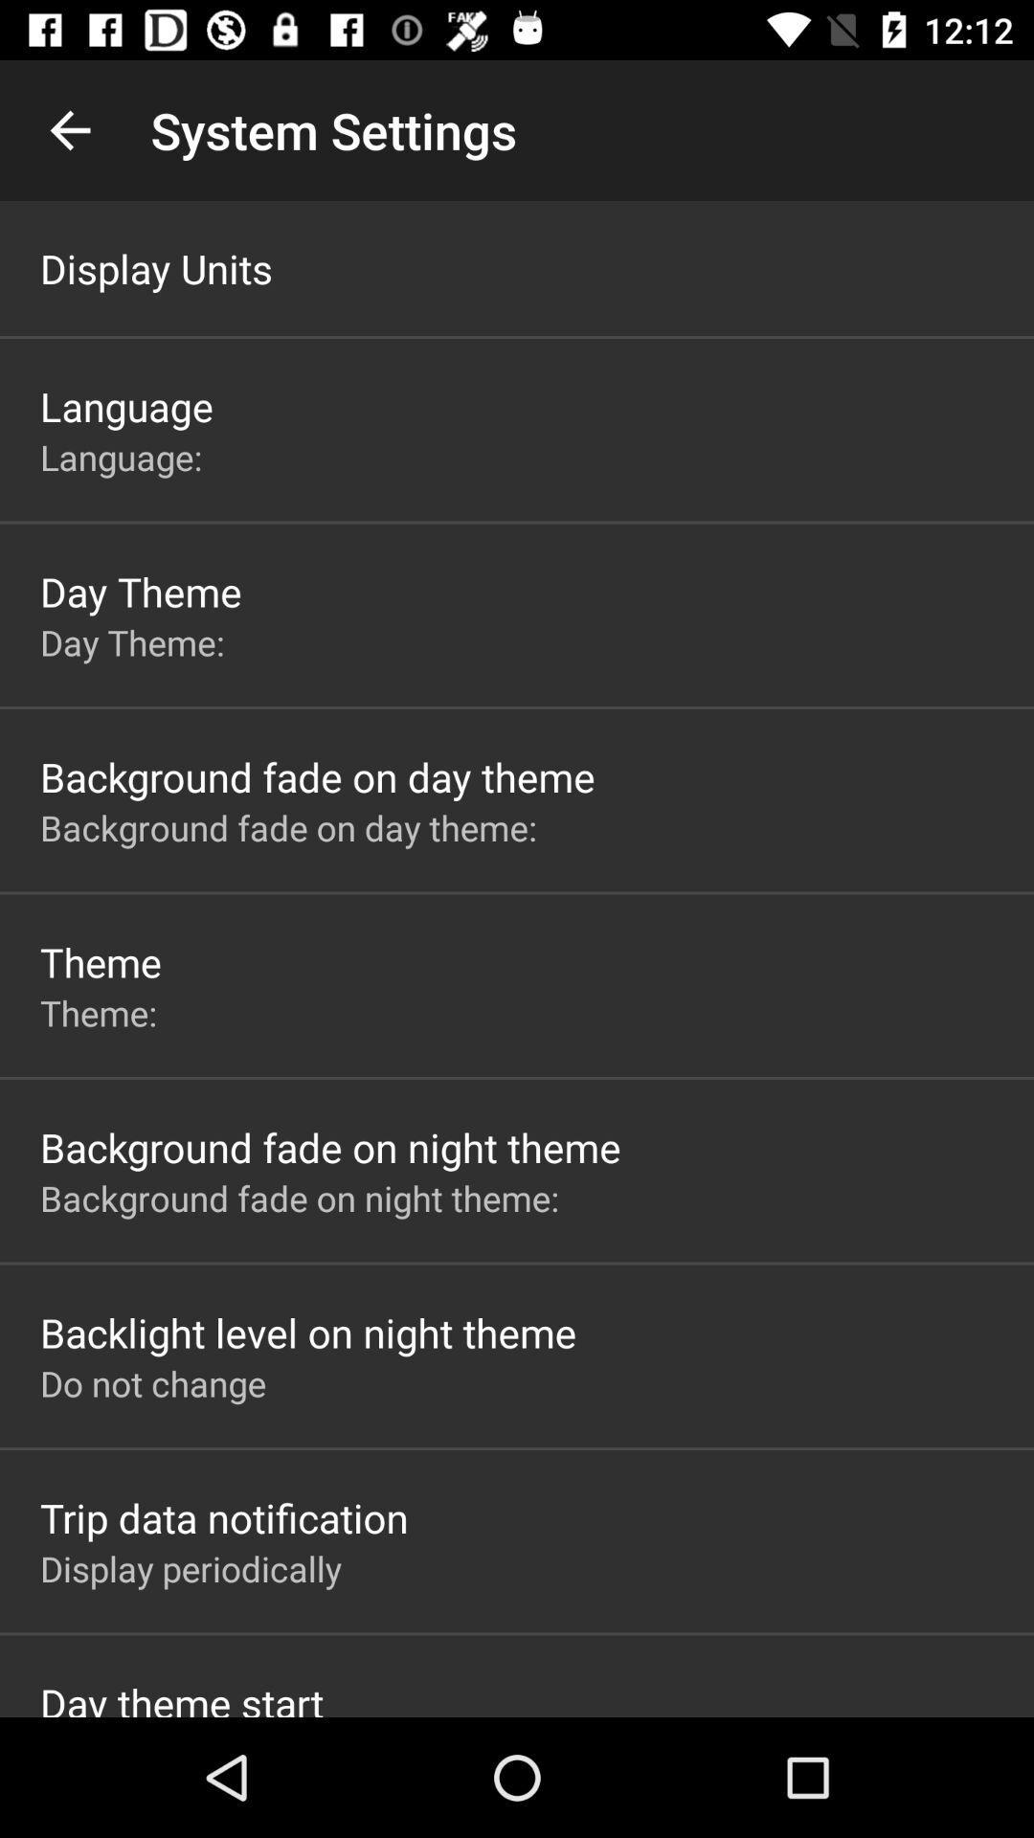 This screenshot has height=1838, width=1034. What do you see at coordinates (307, 1332) in the screenshot?
I see `the icon below the background fade on icon` at bounding box center [307, 1332].